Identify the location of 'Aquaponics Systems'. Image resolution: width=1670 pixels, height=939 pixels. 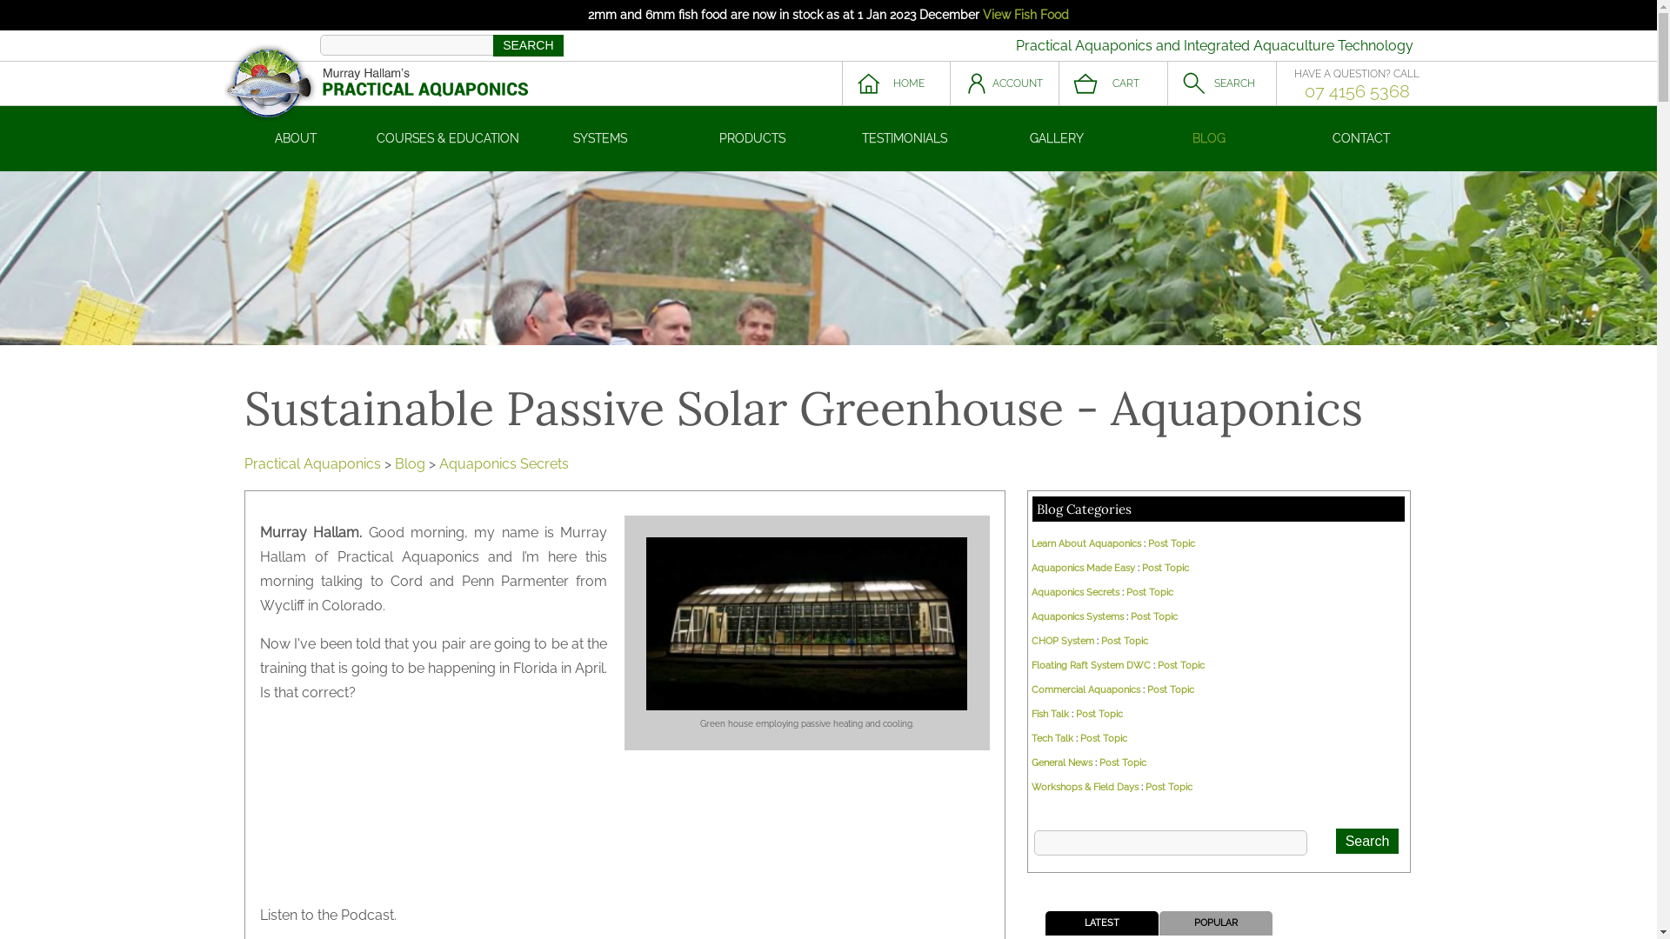
(1076, 616).